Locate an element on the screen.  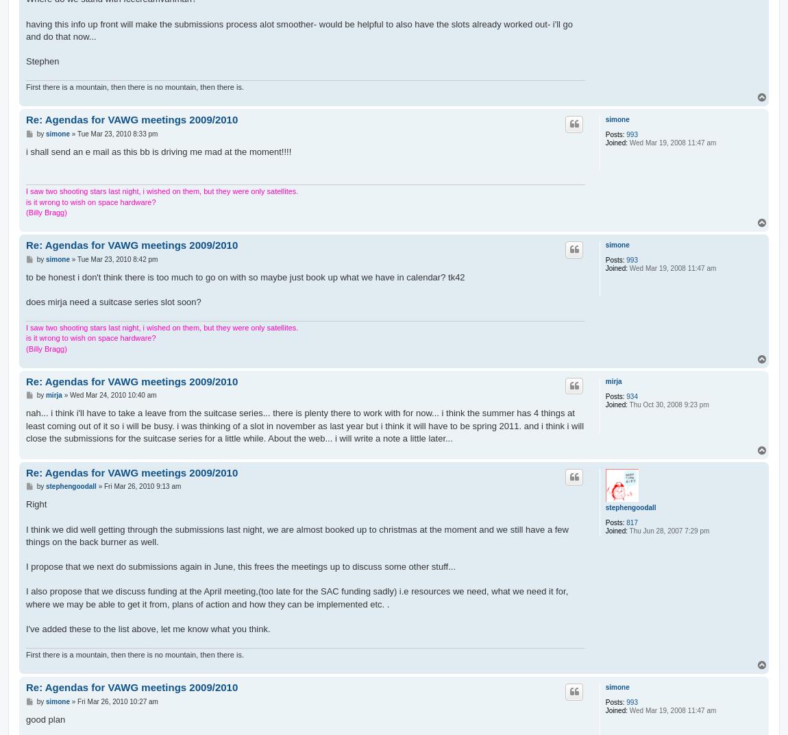
'I think we did well getting through the submissions last night, we are almost booked up to christmas at the moment and we still have a few things on the back burner as well.' is located at coordinates (25, 535).